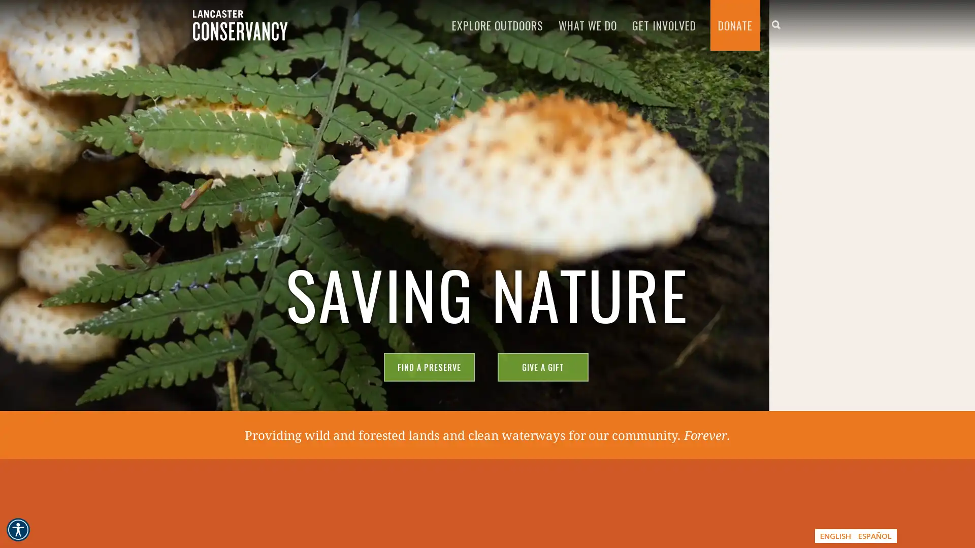 The image size is (975, 548). What do you see at coordinates (18, 529) in the screenshot?
I see `Accessibility Menu` at bounding box center [18, 529].